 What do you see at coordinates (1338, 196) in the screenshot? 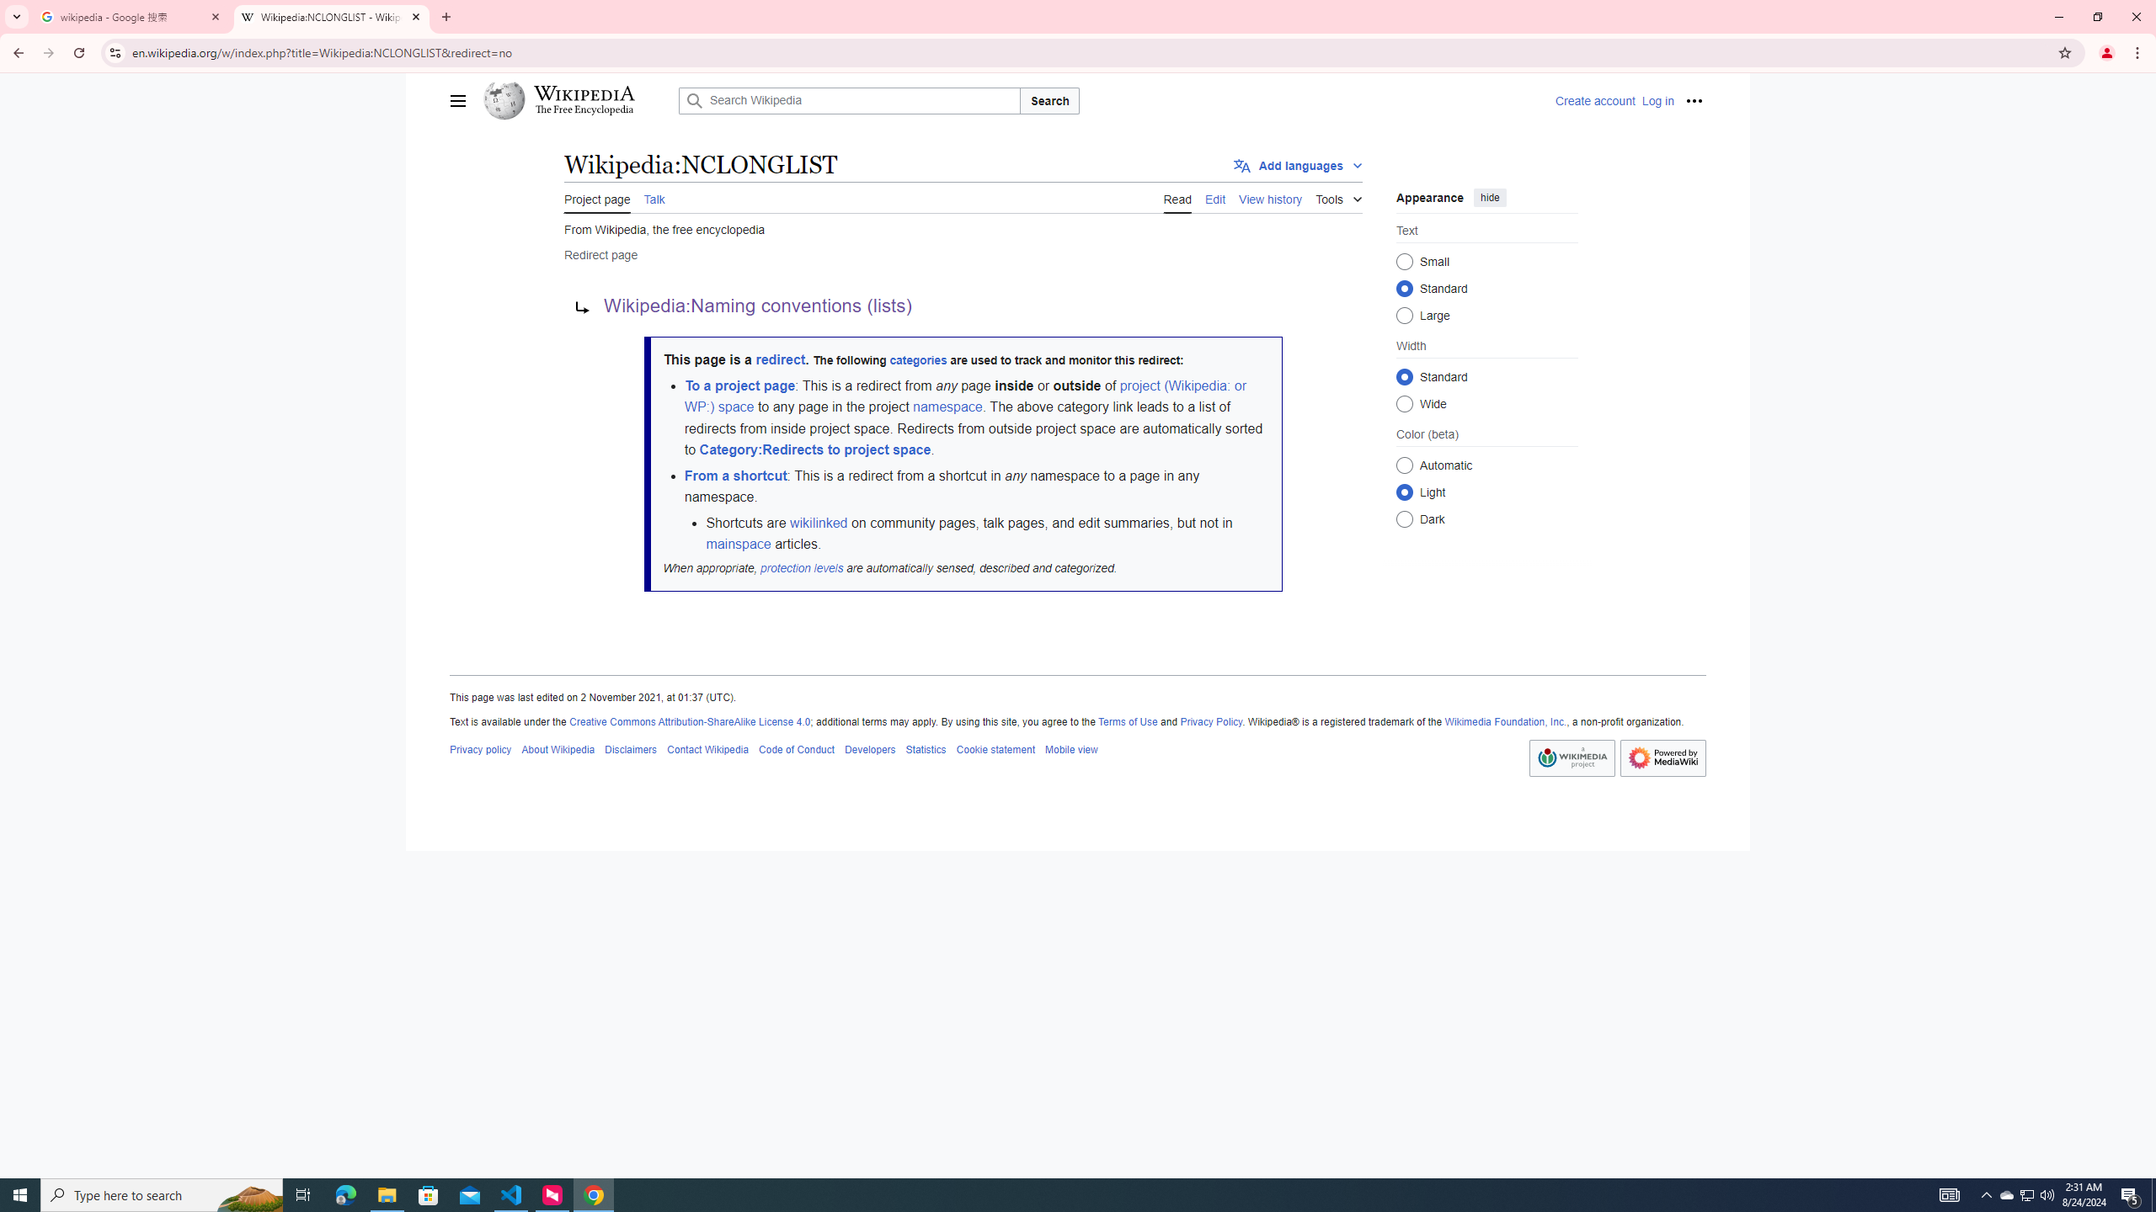
I see `'Tools'` at bounding box center [1338, 196].